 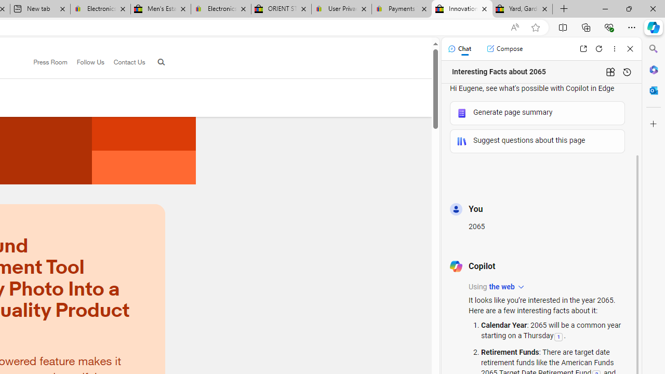 I want to click on 'Follow Us', so click(x=90, y=62).